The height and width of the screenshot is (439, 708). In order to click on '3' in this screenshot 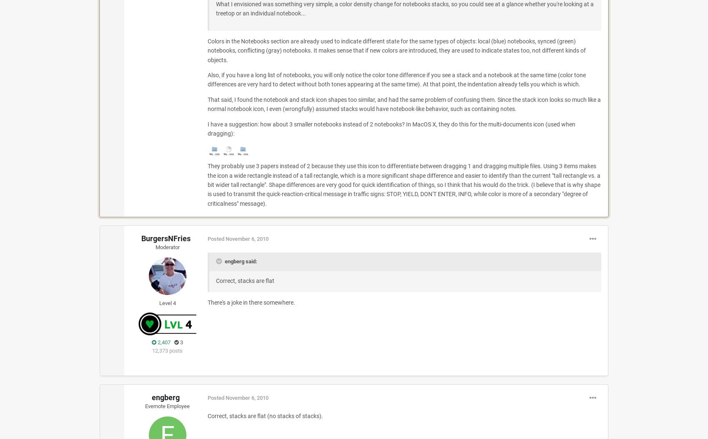, I will do `click(181, 342)`.